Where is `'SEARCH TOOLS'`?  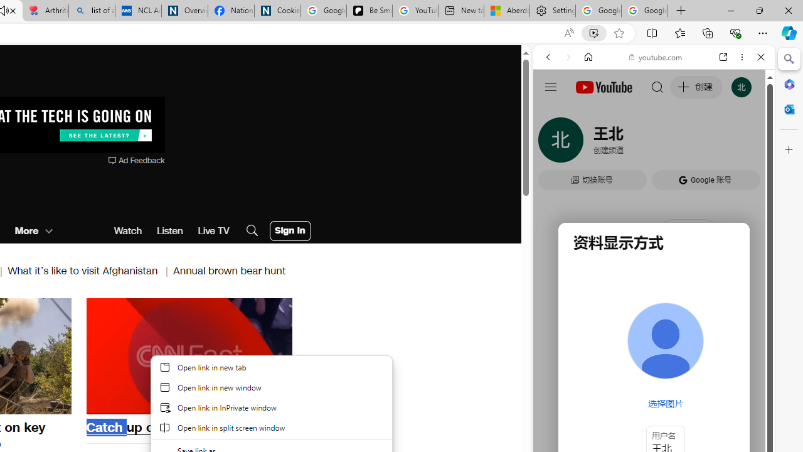 'SEARCH TOOLS' is located at coordinates (685, 143).